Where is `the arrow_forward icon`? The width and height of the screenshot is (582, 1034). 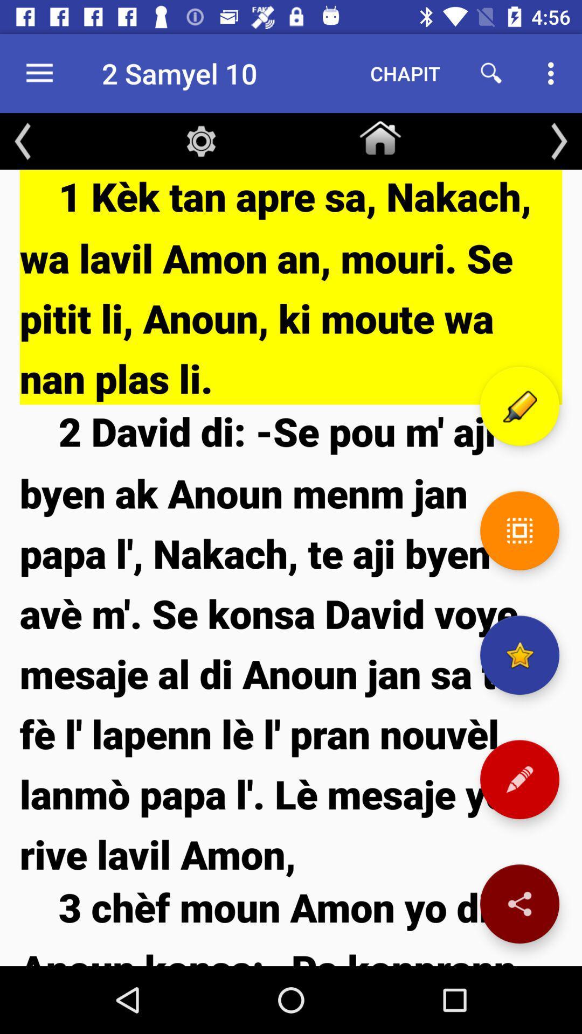 the arrow_forward icon is located at coordinates (558, 141).